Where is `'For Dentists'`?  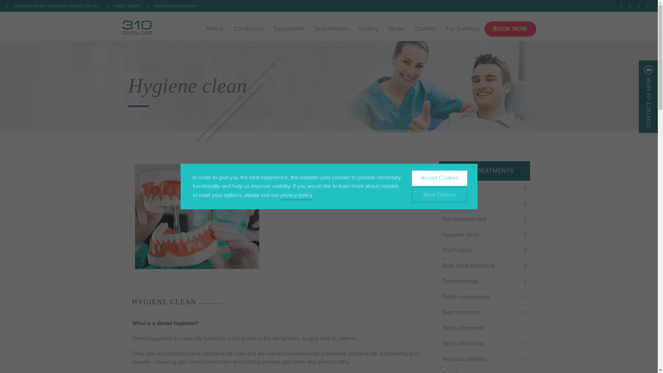 'For Dentists' is located at coordinates (463, 30).